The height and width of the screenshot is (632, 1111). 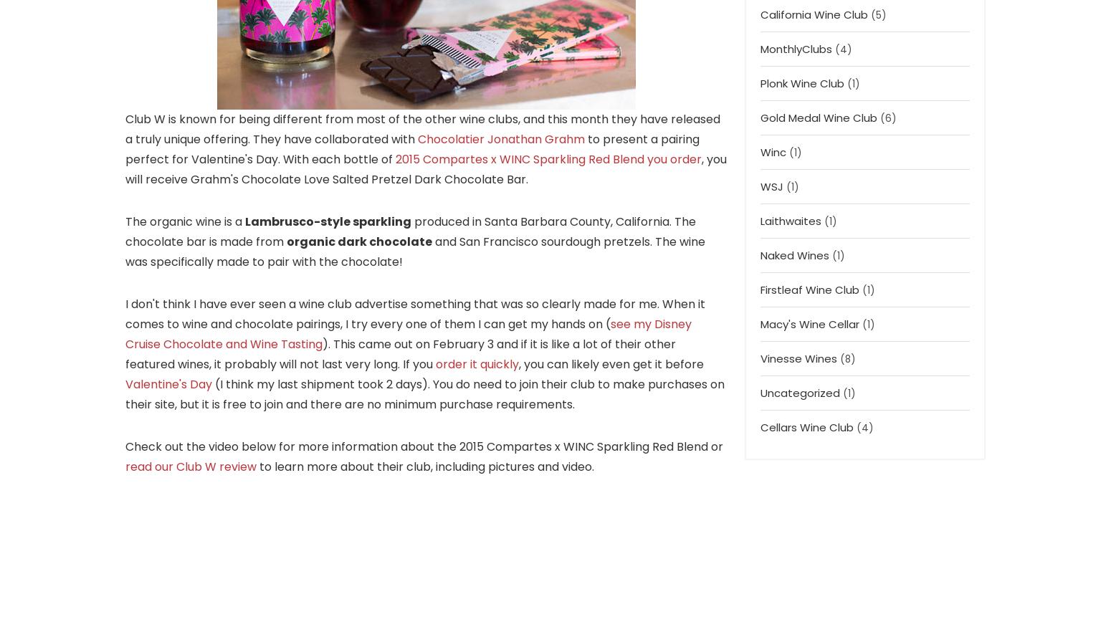 I want to click on 'and San Francisco sourdough pretzels. The wine was specifically made to pair with the chocolate!', so click(x=415, y=250).